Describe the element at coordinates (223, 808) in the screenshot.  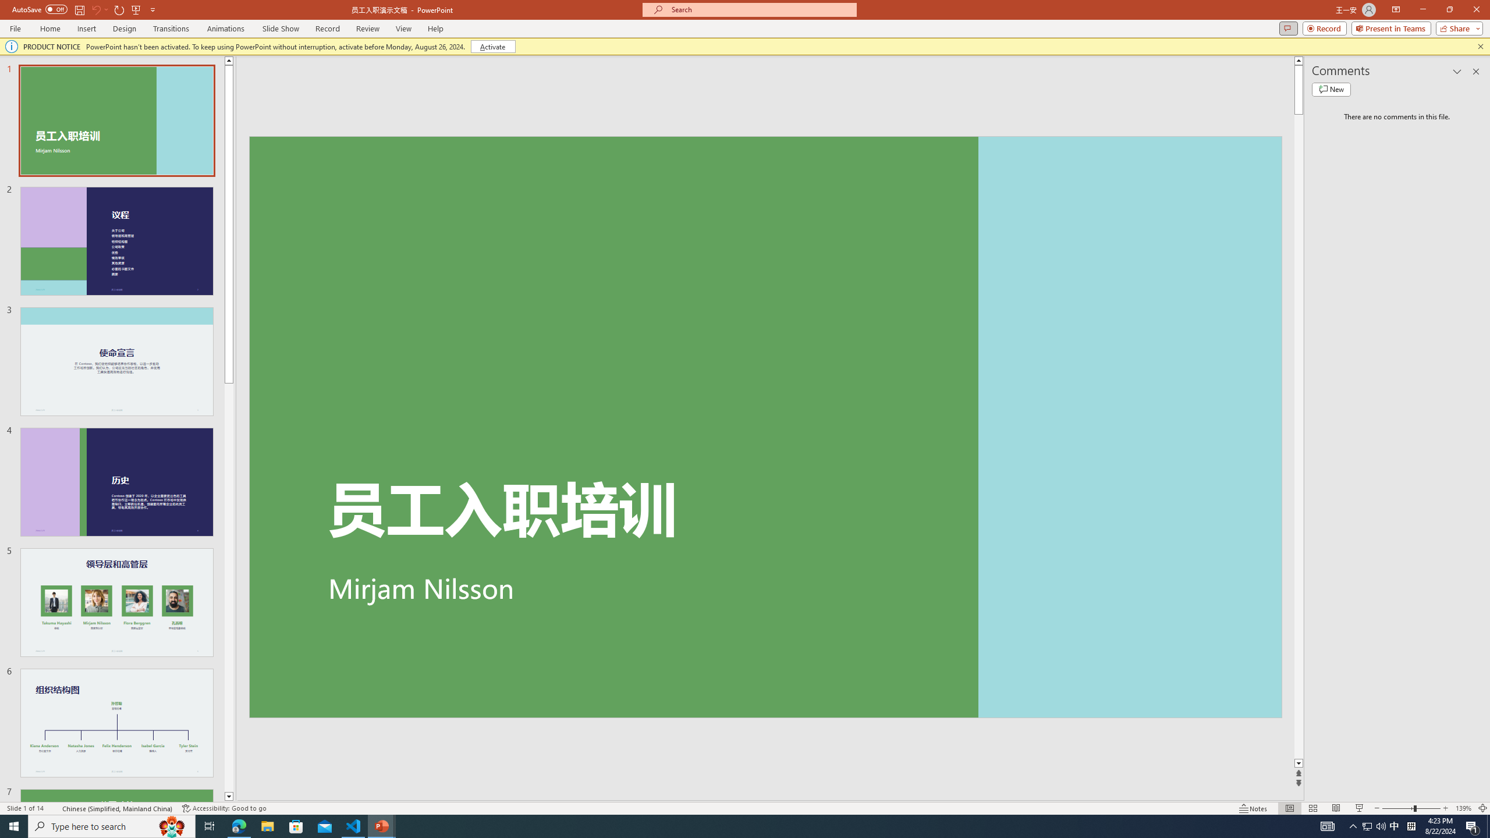
I see `'Accessibility Checker Accessibility: Good to go'` at that location.